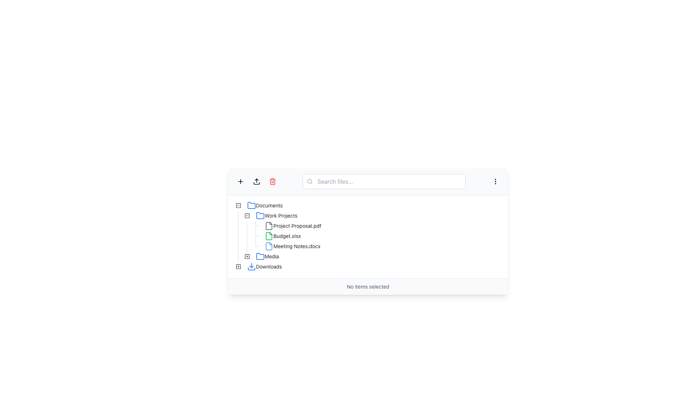  I want to click on the small blue document file icon located immediately to the left of the text 'Meeting Notes.docx', so click(269, 246).